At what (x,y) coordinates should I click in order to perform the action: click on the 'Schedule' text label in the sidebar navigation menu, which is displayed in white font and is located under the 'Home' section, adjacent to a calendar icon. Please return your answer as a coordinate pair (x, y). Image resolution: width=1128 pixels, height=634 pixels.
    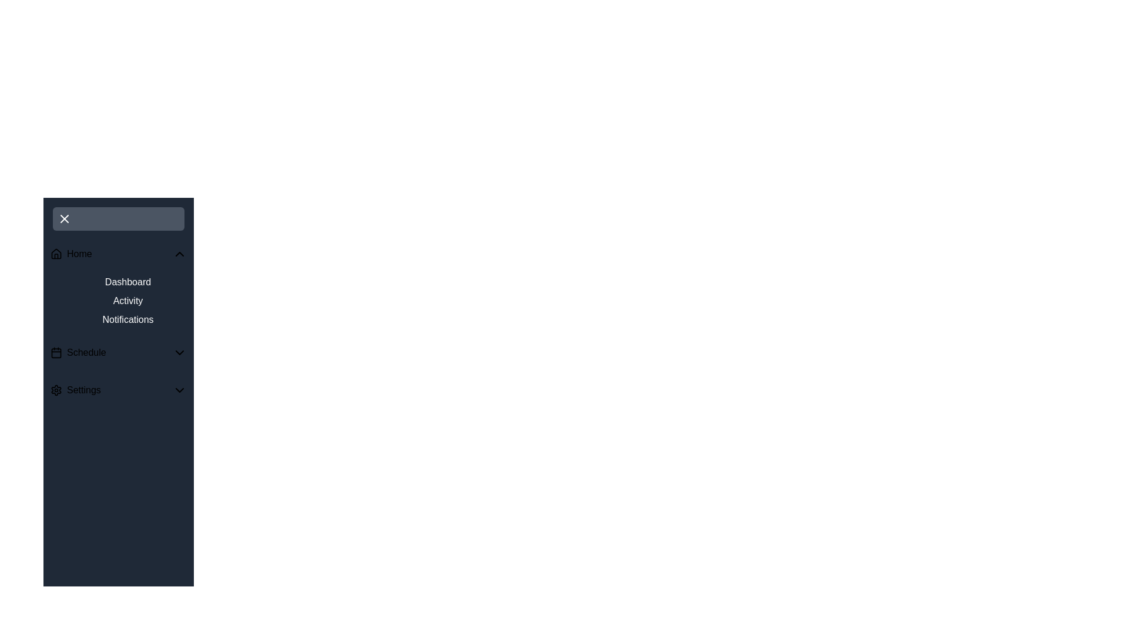
    Looking at the image, I should click on (86, 352).